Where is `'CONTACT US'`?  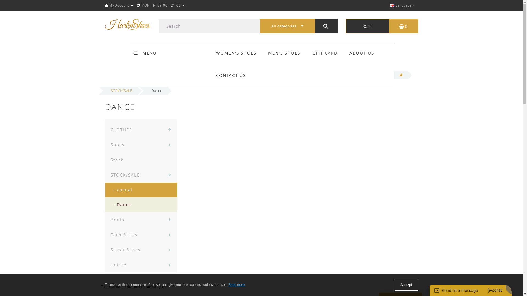 'CONTACT US' is located at coordinates (231, 75).